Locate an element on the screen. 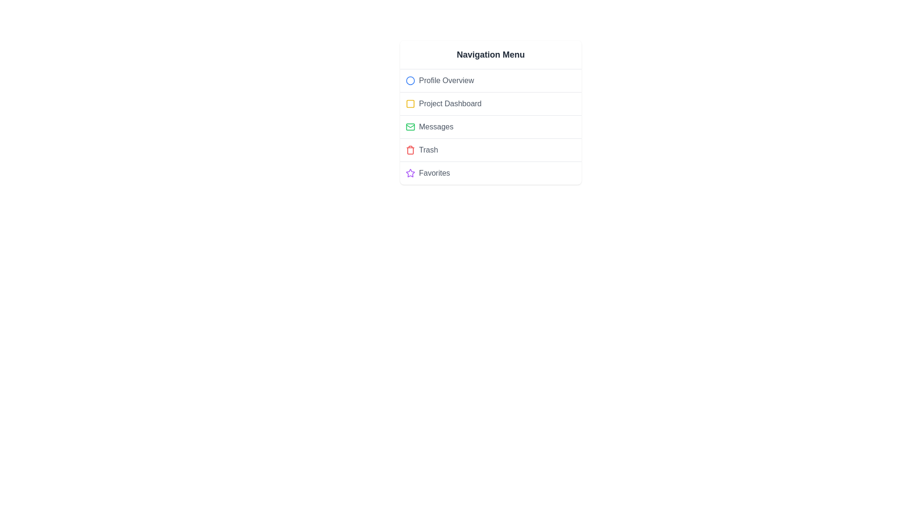  the menu item Project Dashboard to view its hover effect is located at coordinates (490, 103).